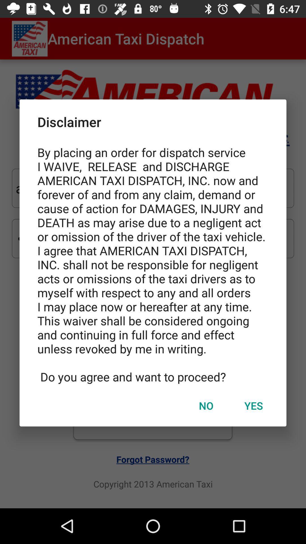 The height and width of the screenshot is (544, 306). What do you see at coordinates (206, 405) in the screenshot?
I see `no icon` at bounding box center [206, 405].